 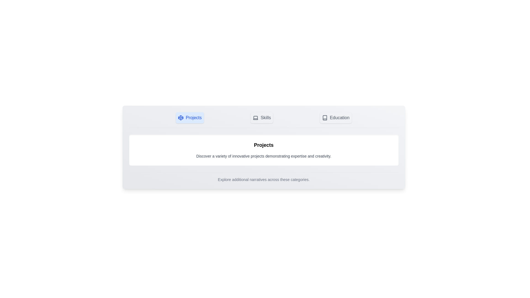 What do you see at coordinates (325, 118) in the screenshot?
I see `the educational icon embedded within the SVG navigation bar` at bounding box center [325, 118].